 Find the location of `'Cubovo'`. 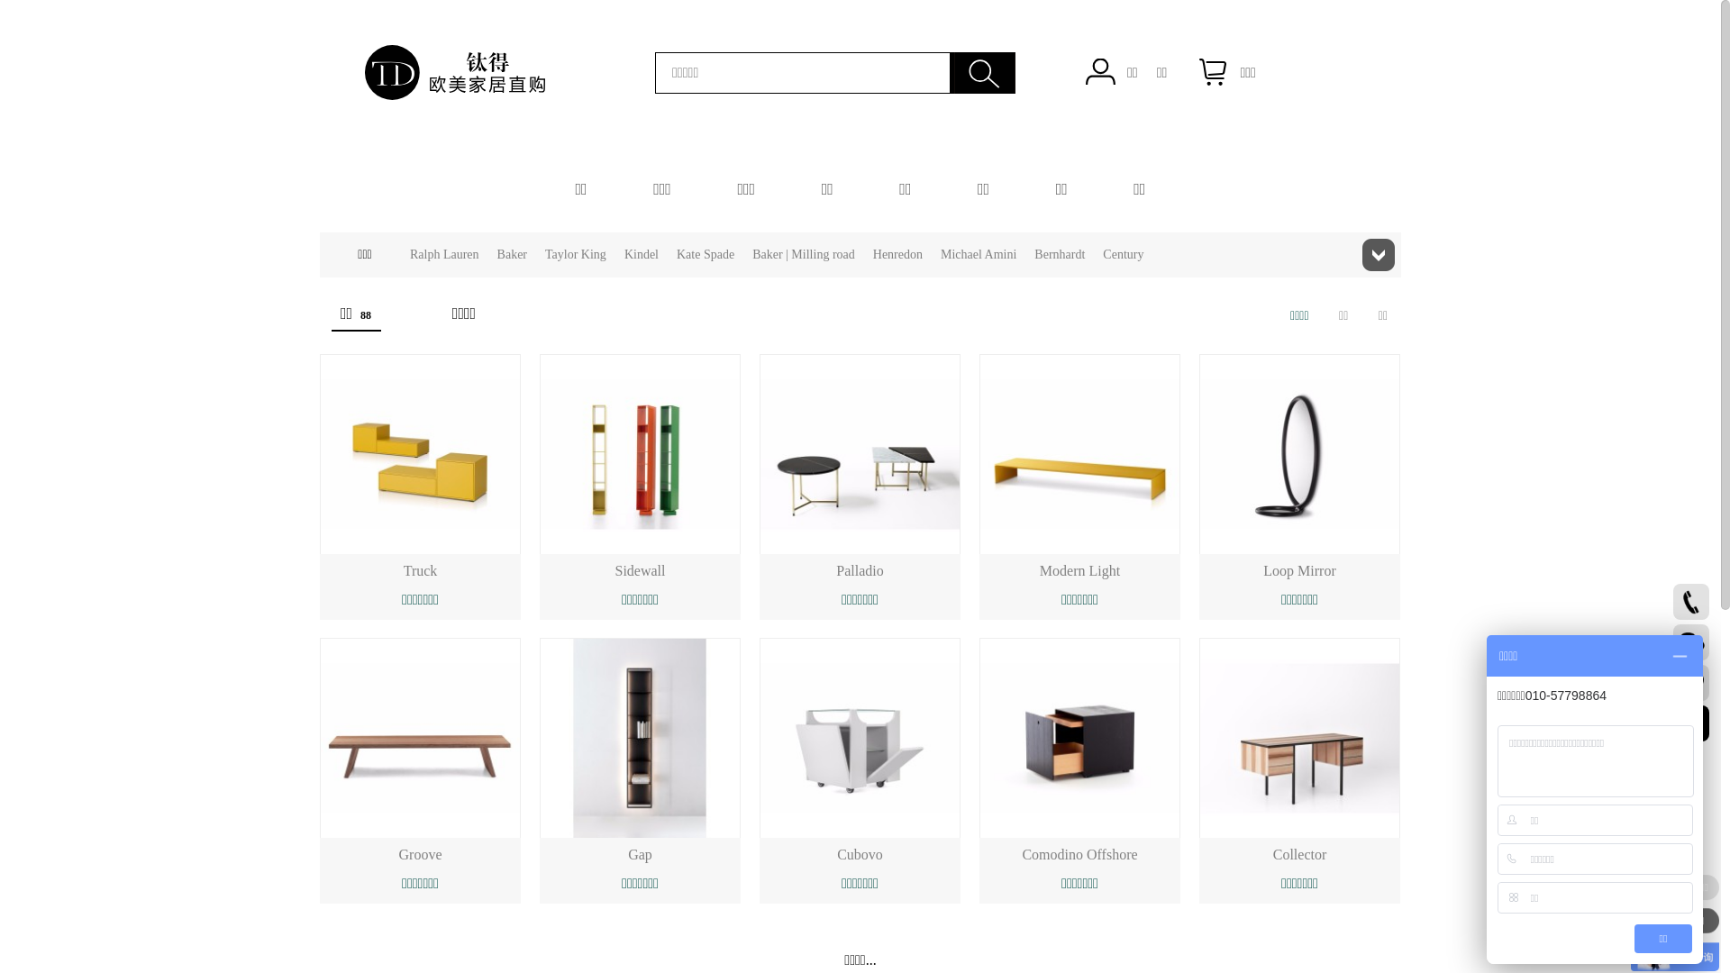

'Cubovo' is located at coordinates (859, 853).